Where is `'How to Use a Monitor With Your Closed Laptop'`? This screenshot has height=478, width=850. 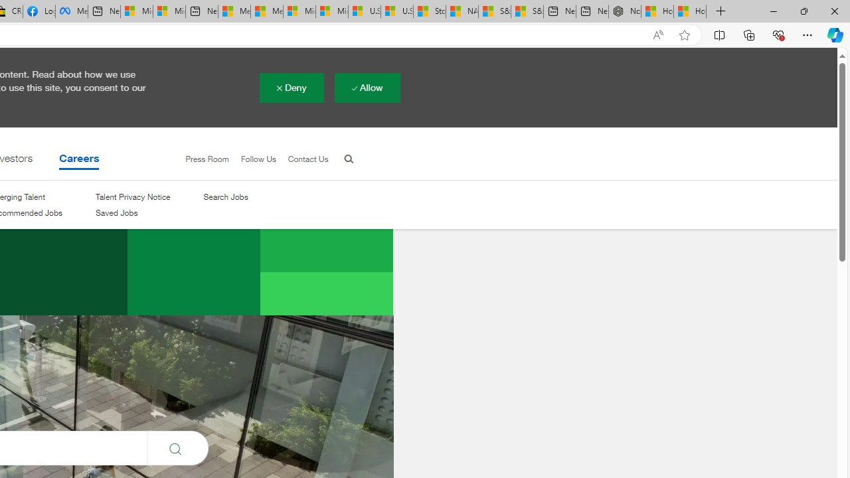
'How to Use a Monitor With Your Closed Laptop' is located at coordinates (690, 11).